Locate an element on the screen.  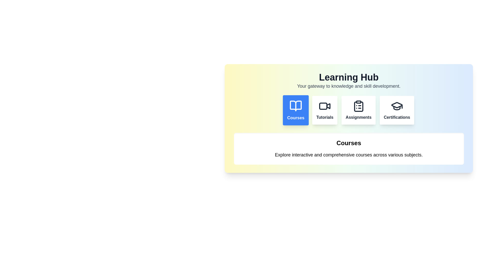
the button labeled Assignments to observe its hover effect is located at coordinates (358, 110).